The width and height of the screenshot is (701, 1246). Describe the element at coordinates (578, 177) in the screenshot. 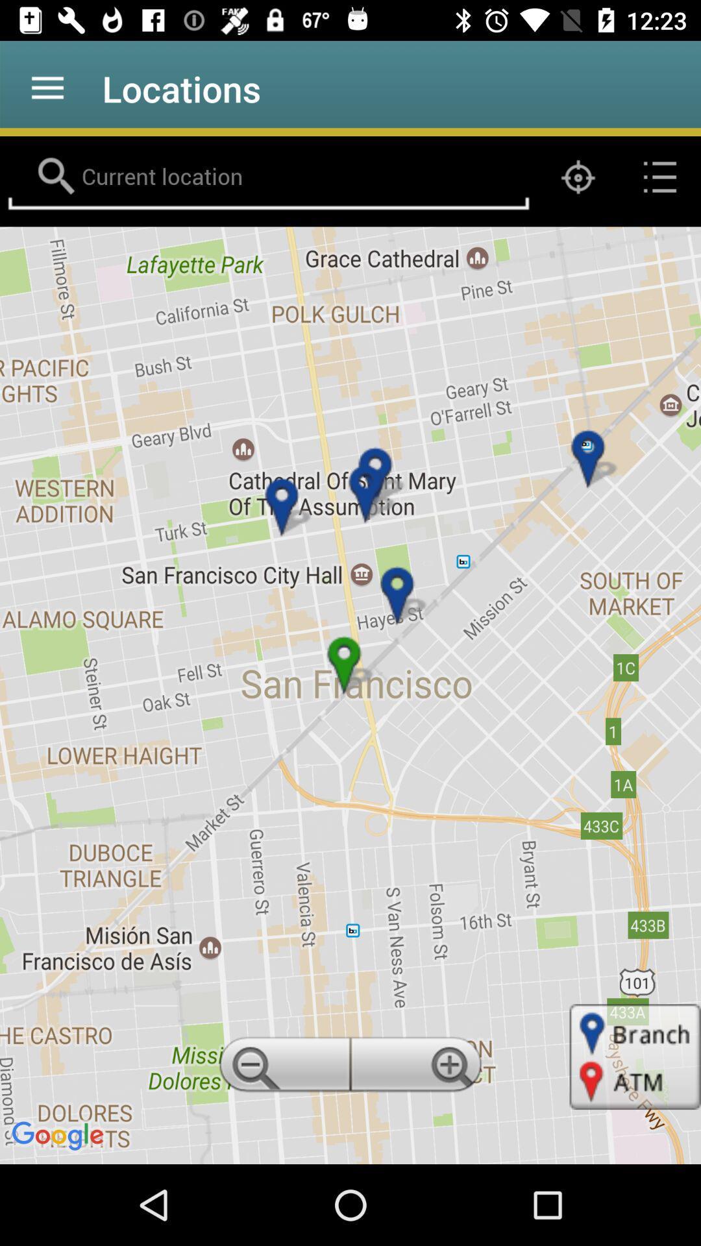

I see `the location_crosshair icon` at that location.